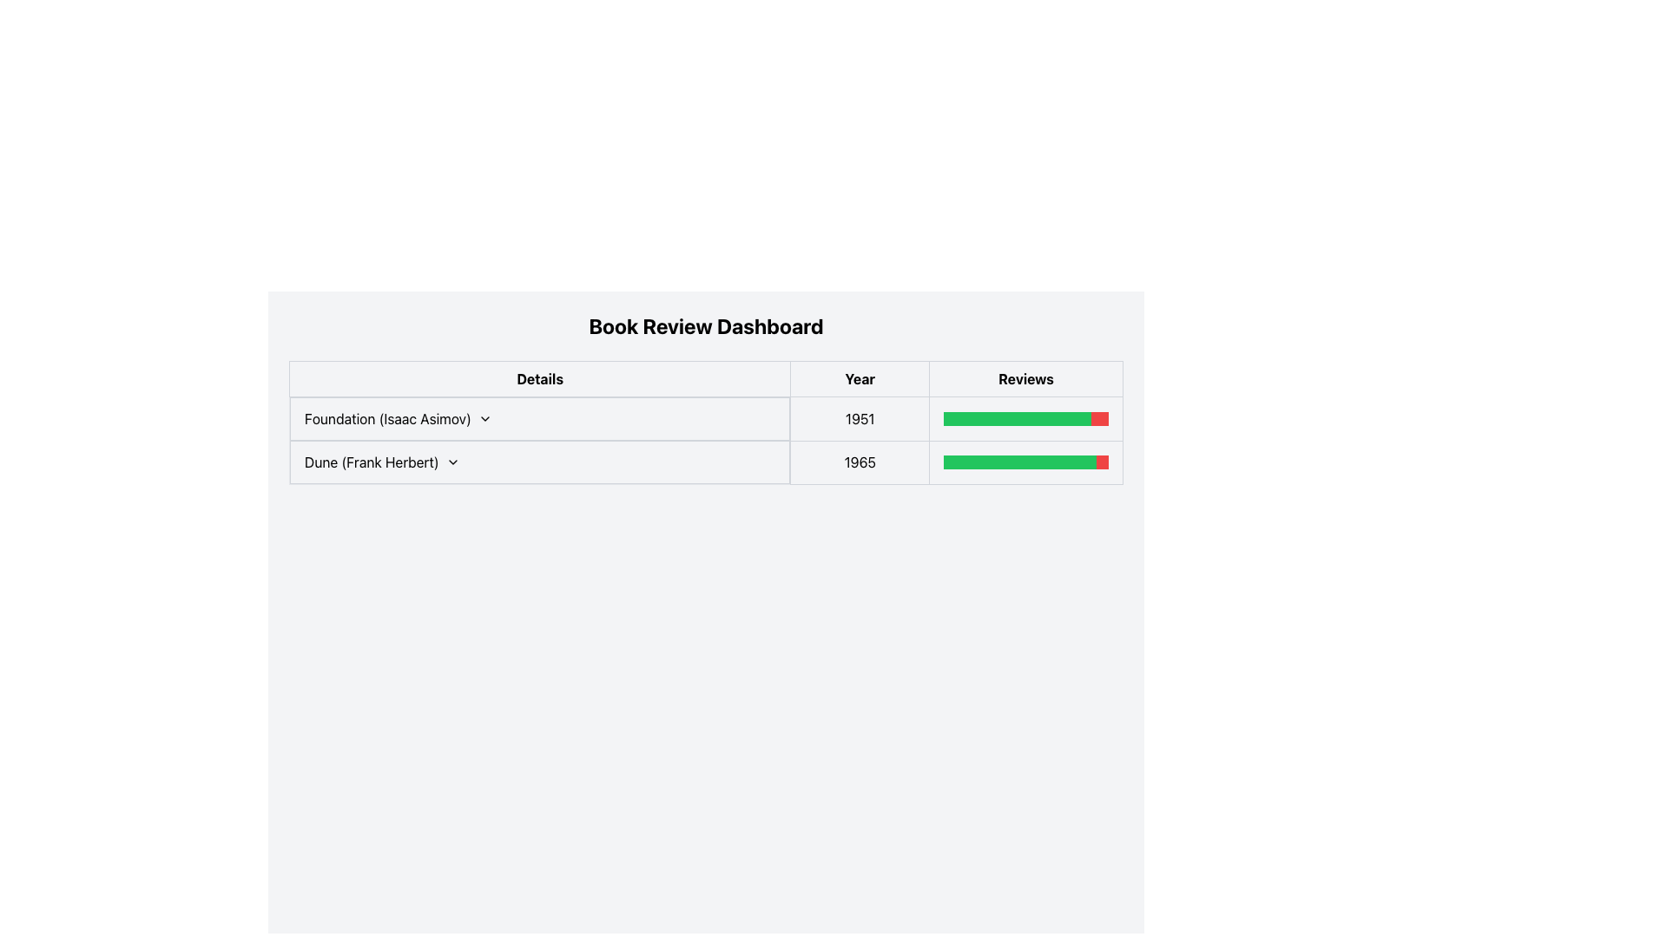  I want to click on the downward-facing chevron icon located to the right of 'Foundation (Isaac Asimov)' in the first row under the 'Details' column, so click(484, 418).